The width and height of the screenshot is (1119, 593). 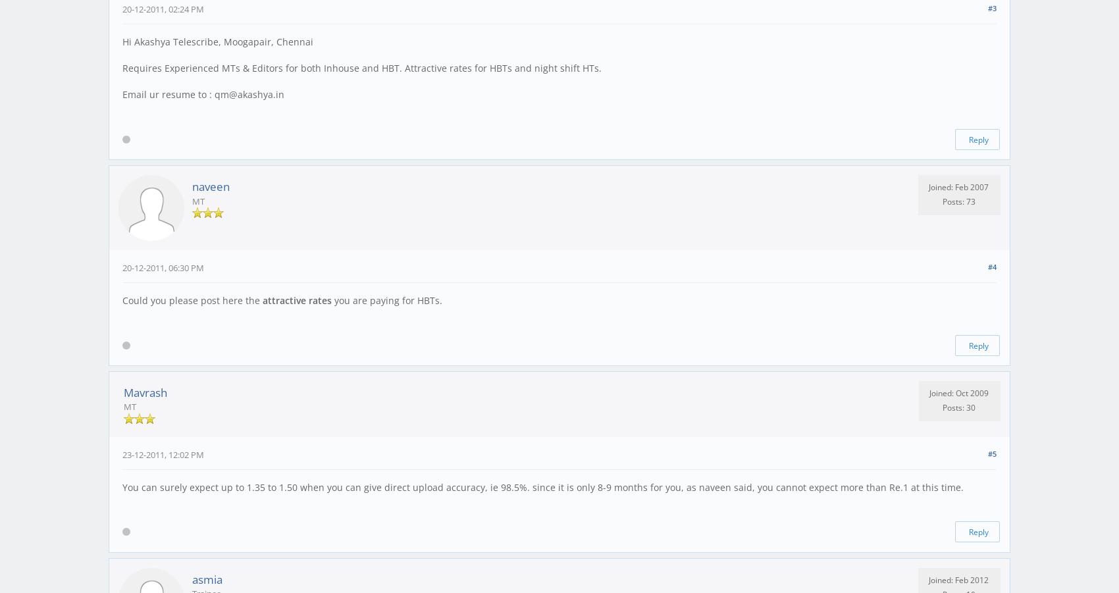 What do you see at coordinates (987, 453) in the screenshot?
I see `'#5'` at bounding box center [987, 453].